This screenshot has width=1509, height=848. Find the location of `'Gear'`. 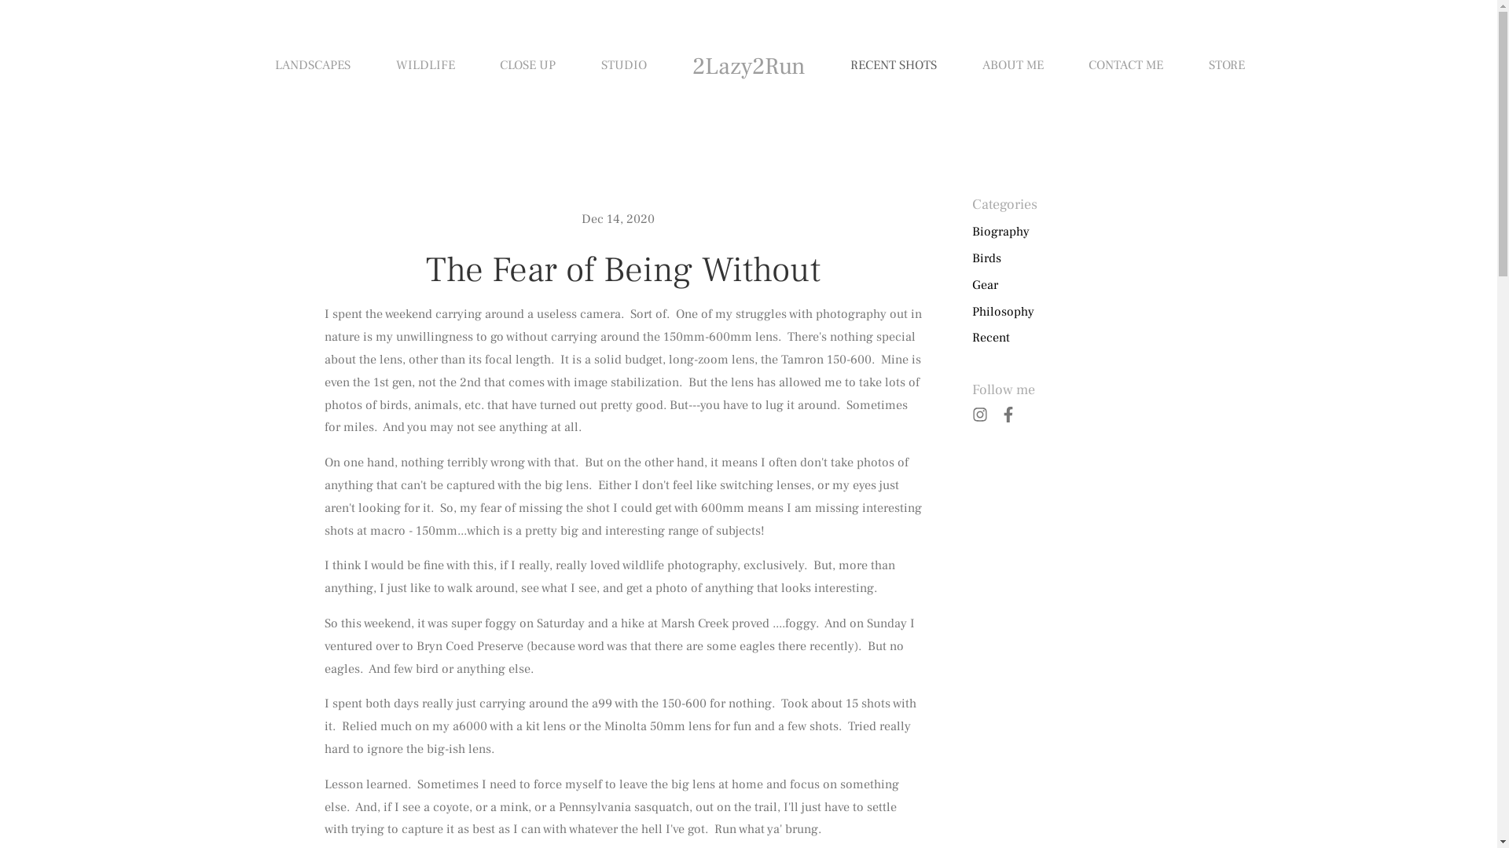

'Gear' is located at coordinates (971, 285).